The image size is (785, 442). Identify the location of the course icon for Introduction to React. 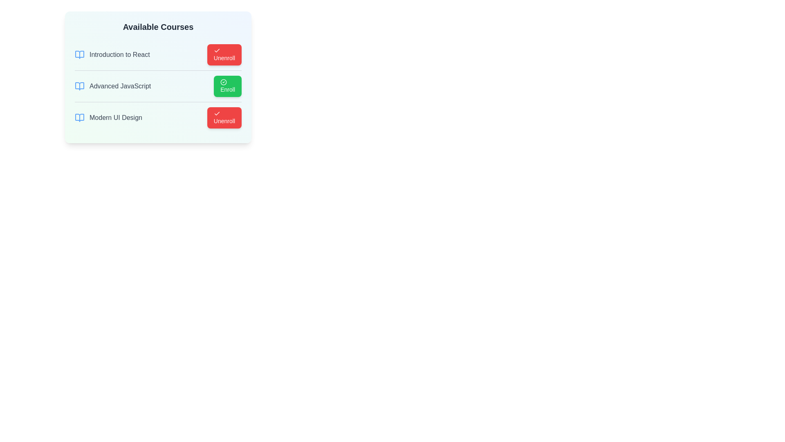
(80, 55).